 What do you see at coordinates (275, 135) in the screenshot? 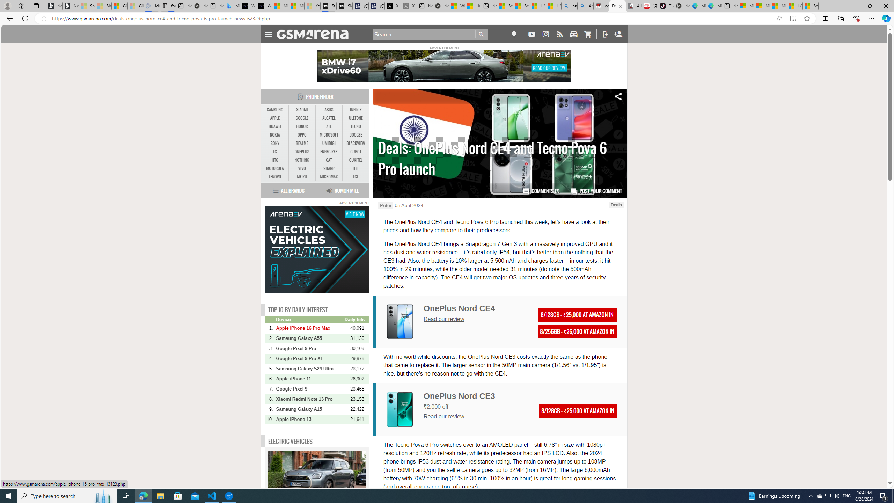
I see `'NOKIA'` at bounding box center [275, 135].